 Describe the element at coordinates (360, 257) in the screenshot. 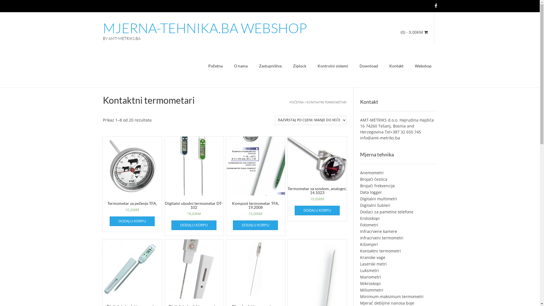

I see `'Kranske vage'` at that location.